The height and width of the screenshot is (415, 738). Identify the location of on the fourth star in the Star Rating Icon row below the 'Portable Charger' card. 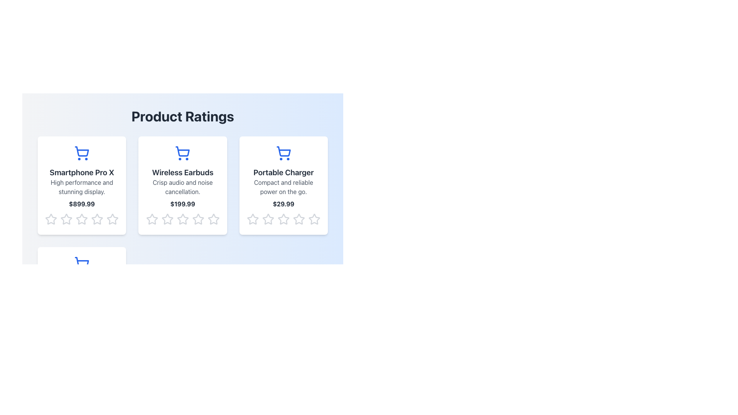
(283, 219).